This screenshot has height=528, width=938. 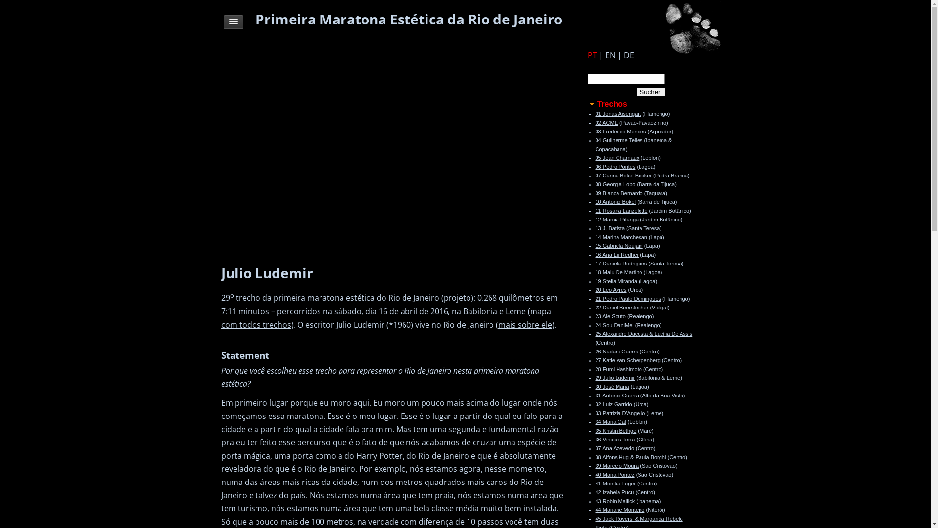 What do you see at coordinates (614, 492) in the screenshot?
I see `'42 Izabela Pucu'` at bounding box center [614, 492].